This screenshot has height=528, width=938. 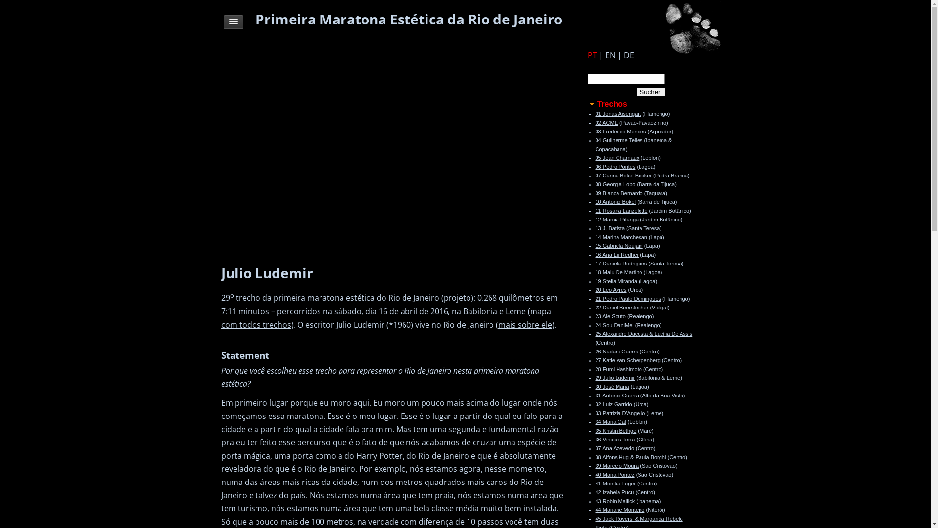 What do you see at coordinates (614, 492) in the screenshot?
I see `'42 Izabela Pucu'` at bounding box center [614, 492].